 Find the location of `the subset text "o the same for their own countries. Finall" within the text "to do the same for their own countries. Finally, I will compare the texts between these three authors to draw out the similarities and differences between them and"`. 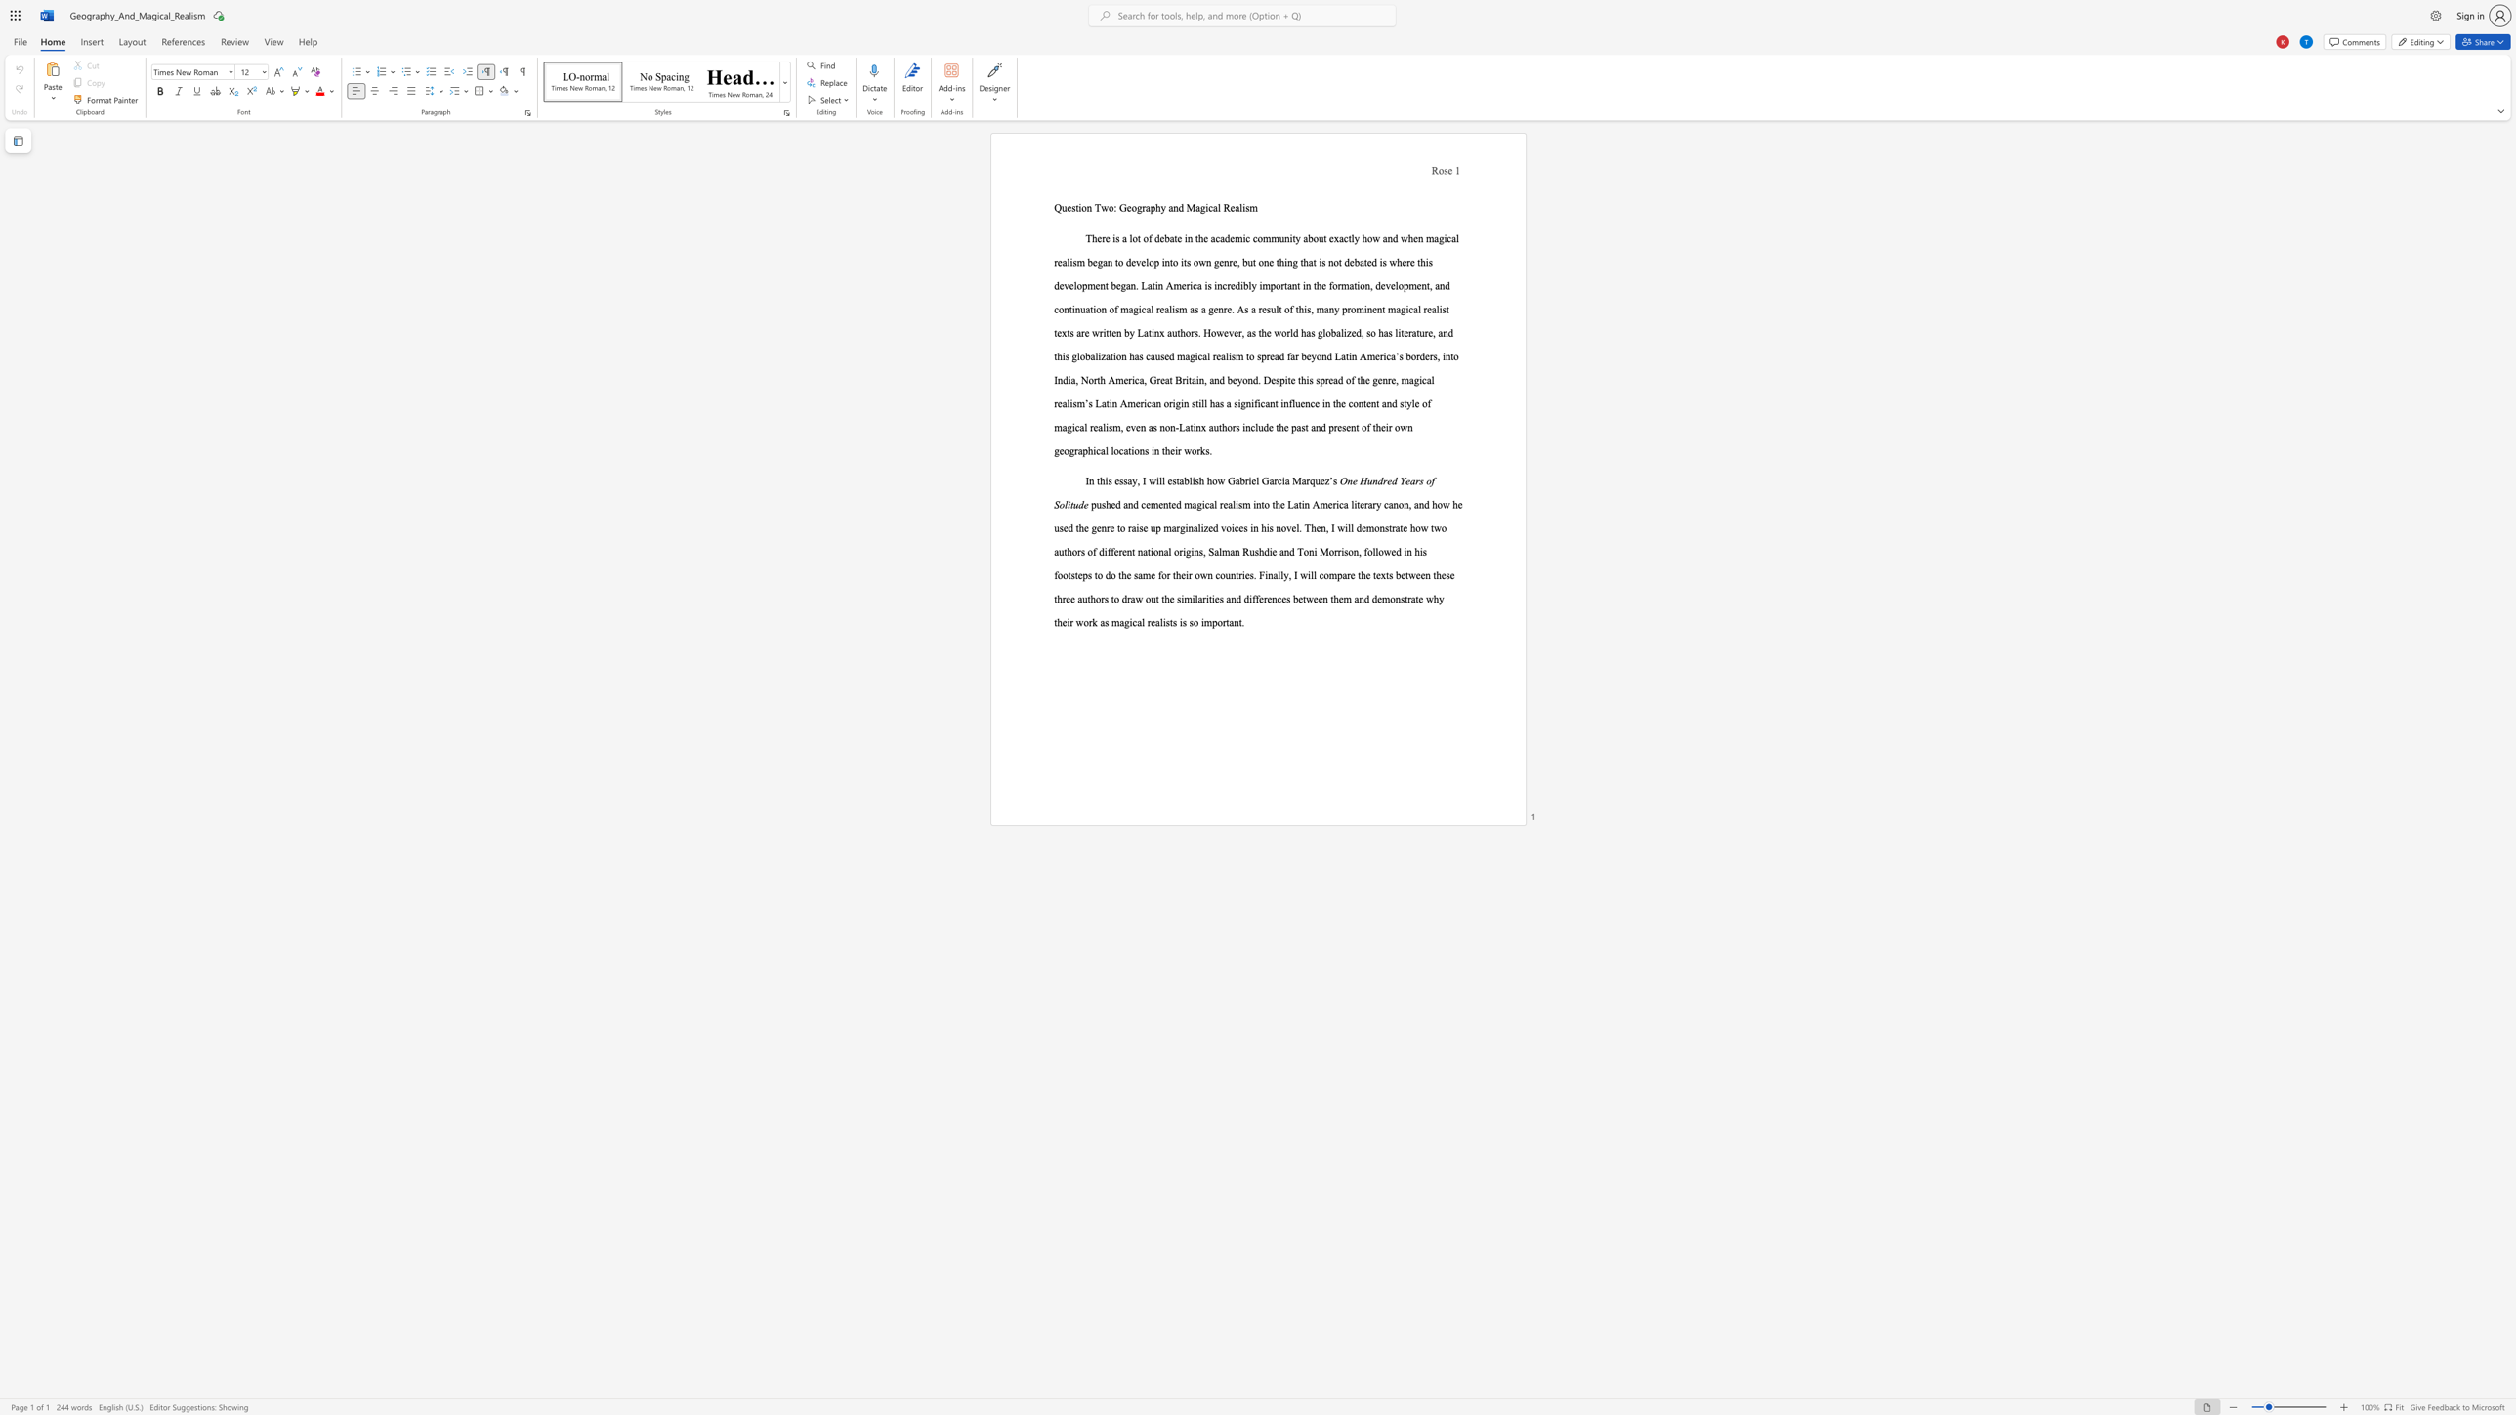

the subset text "o the same for their own countries. Finall" within the text "to do the same for their own countries. Finally, I will compare the texts between these three authors to draw out the similarities and differences between them and" is located at coordinates (1110, 574).